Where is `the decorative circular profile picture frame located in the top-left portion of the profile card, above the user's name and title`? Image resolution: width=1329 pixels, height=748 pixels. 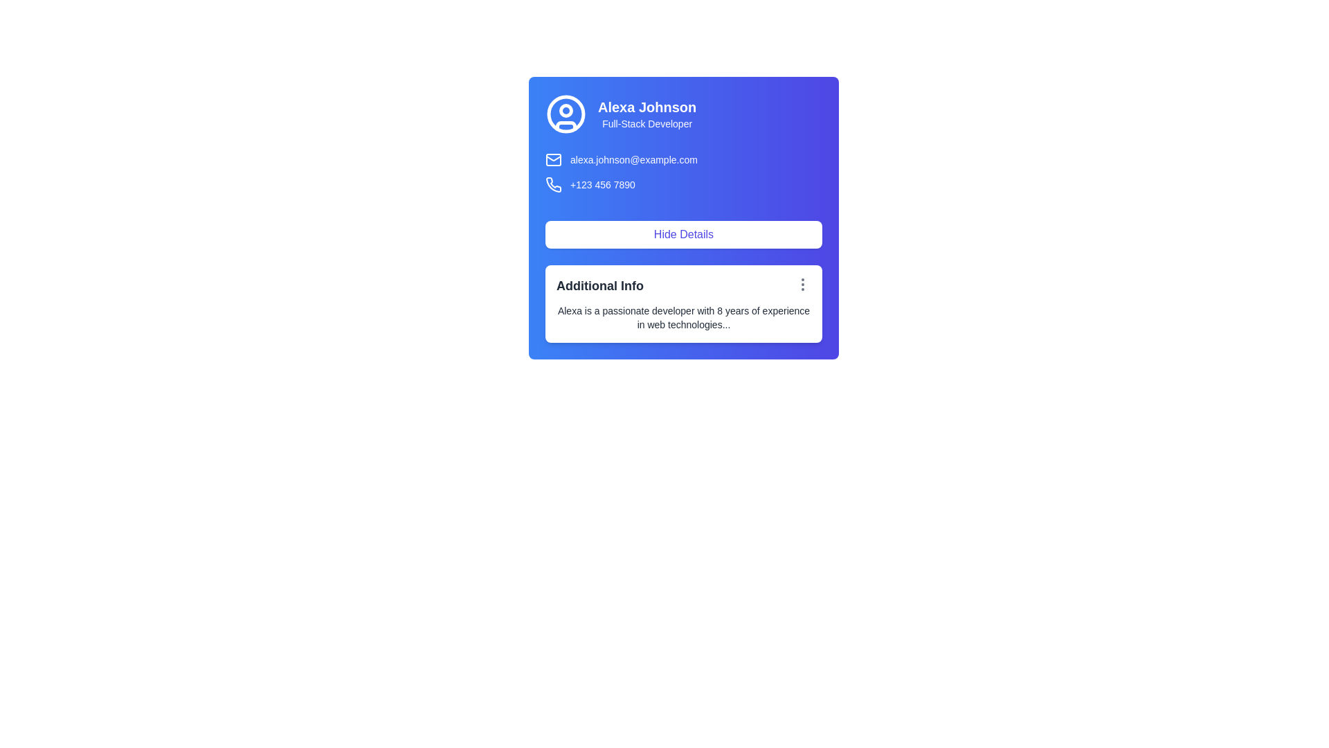 the decorative circular profile picture frame located in the top-left portion of the profile card, above the user's name and title is located at coordinates (566, 114).